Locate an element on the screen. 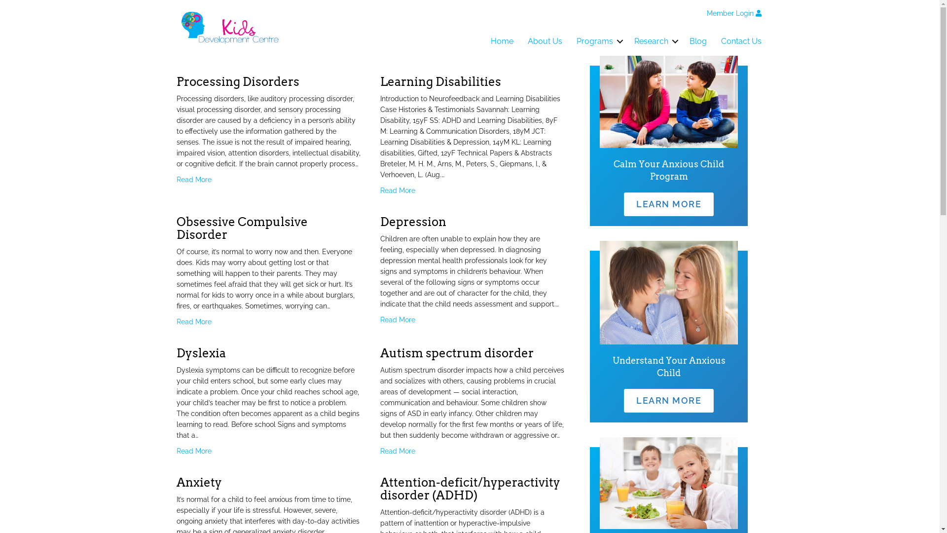 Image resolution: width=947 pixels, height=533 pixels. 'Member Login' is located at coordinates (734, 13).